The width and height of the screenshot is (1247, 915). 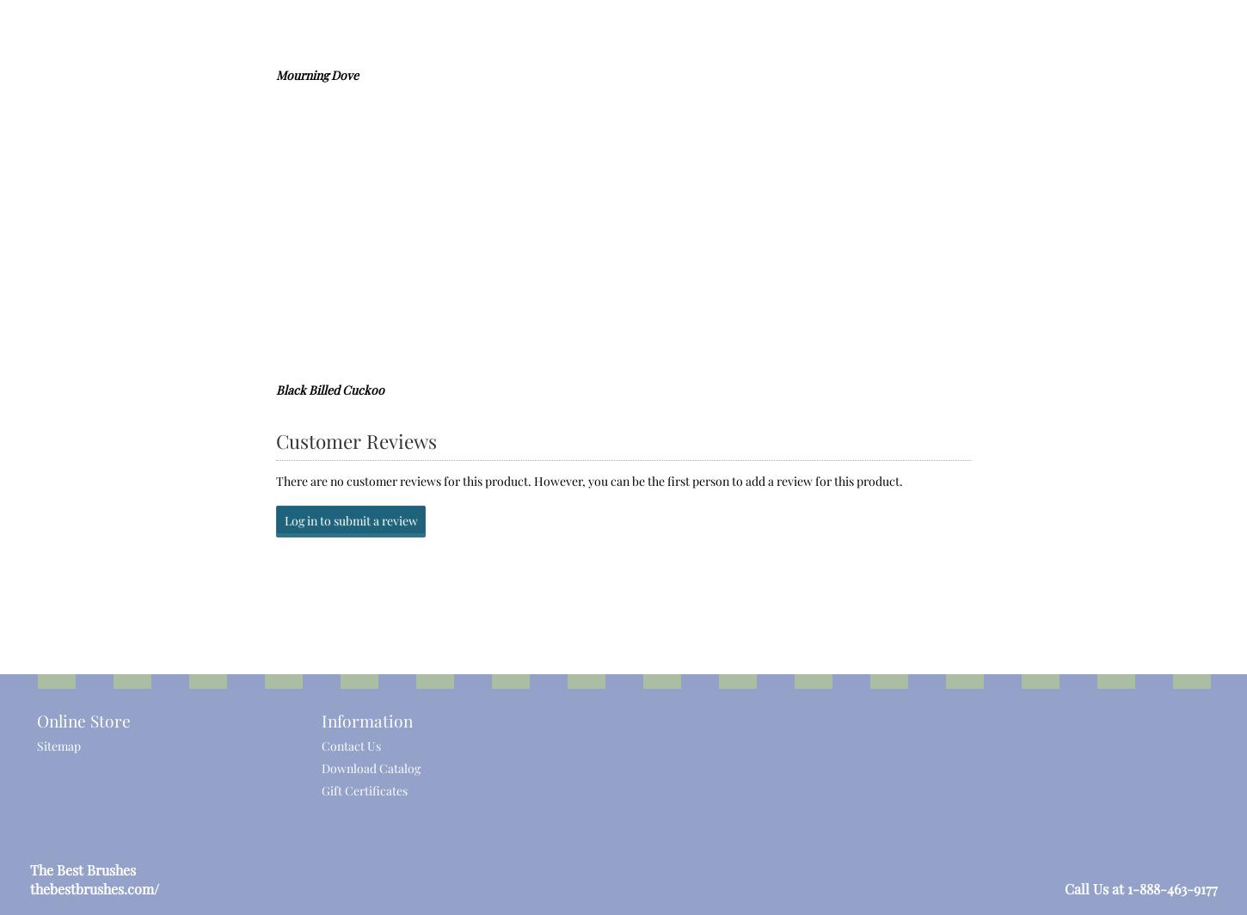 I want to click on 'Download Catalog', so click(x=369, y=767).